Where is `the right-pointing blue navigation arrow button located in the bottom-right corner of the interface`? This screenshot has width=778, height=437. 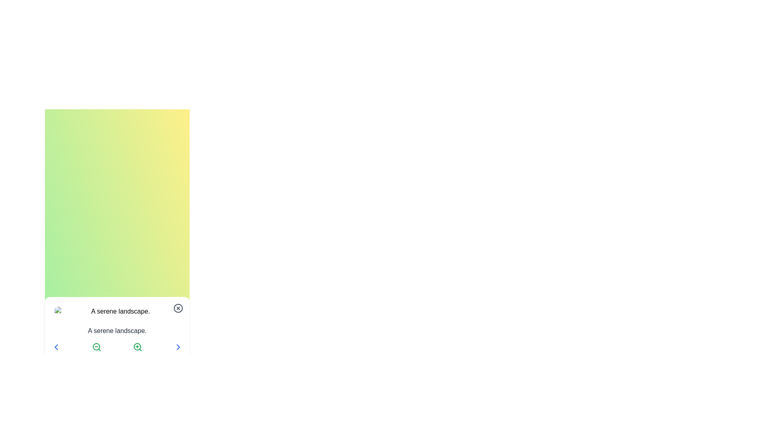
the right-pointing blue navigation arrow button located in the bottom-right corner of the interface is located at coordinates (178, 346).